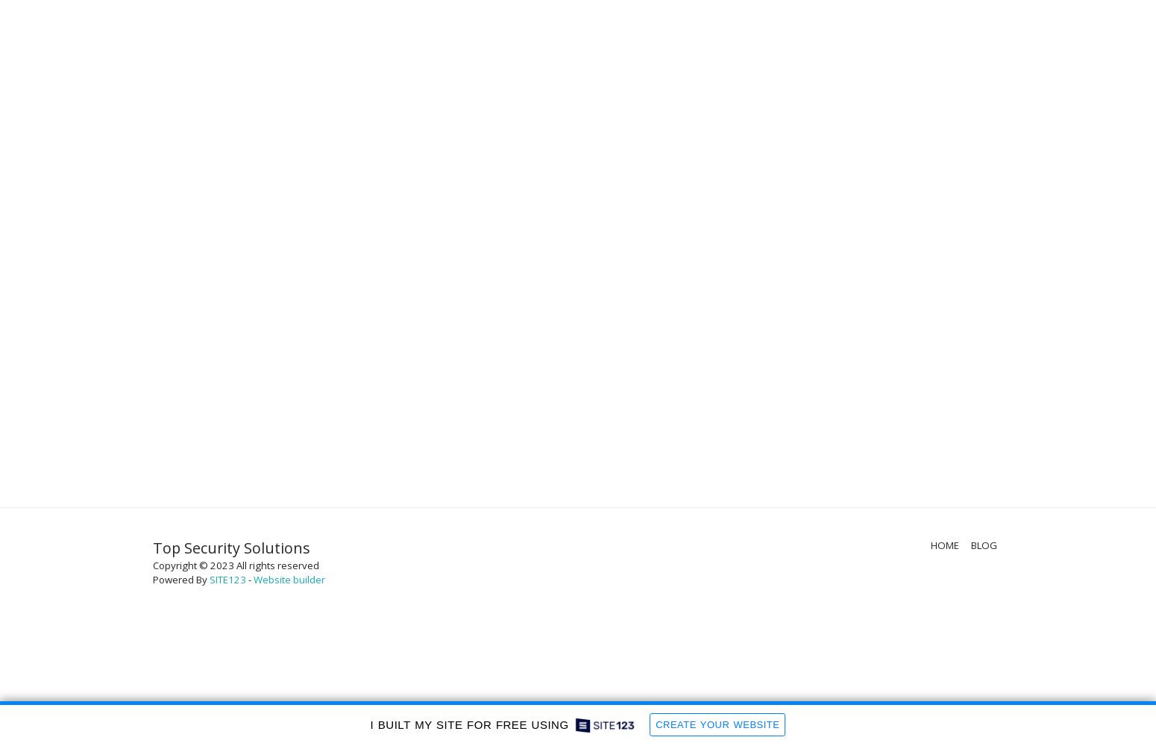 The width and height of the screenshot is (1156, 746). I want to click on 'Home', so click(943, 545).